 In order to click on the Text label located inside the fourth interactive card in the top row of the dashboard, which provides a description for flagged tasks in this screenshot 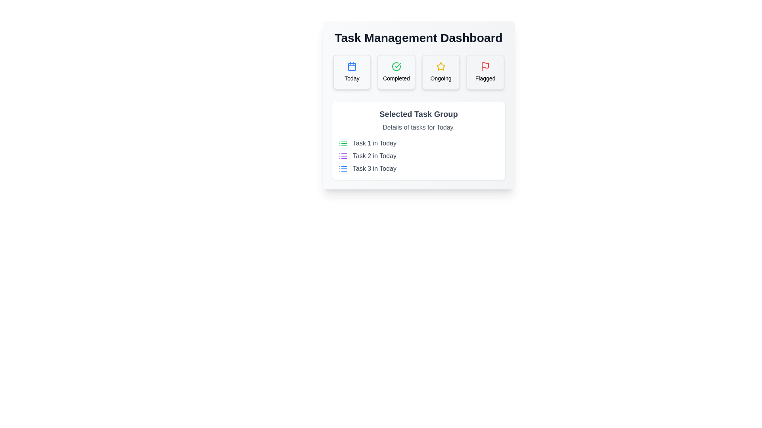, I will do `click(485, 78)`.